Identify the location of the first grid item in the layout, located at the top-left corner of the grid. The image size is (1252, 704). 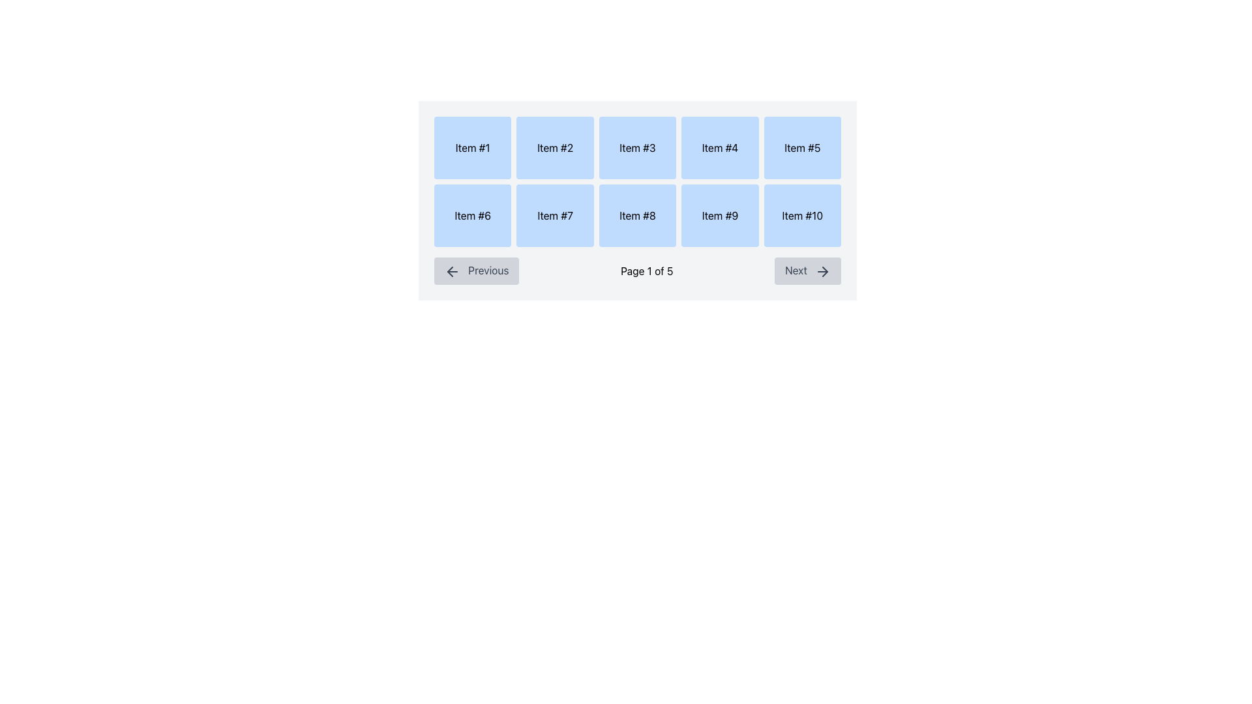
(472, 147).